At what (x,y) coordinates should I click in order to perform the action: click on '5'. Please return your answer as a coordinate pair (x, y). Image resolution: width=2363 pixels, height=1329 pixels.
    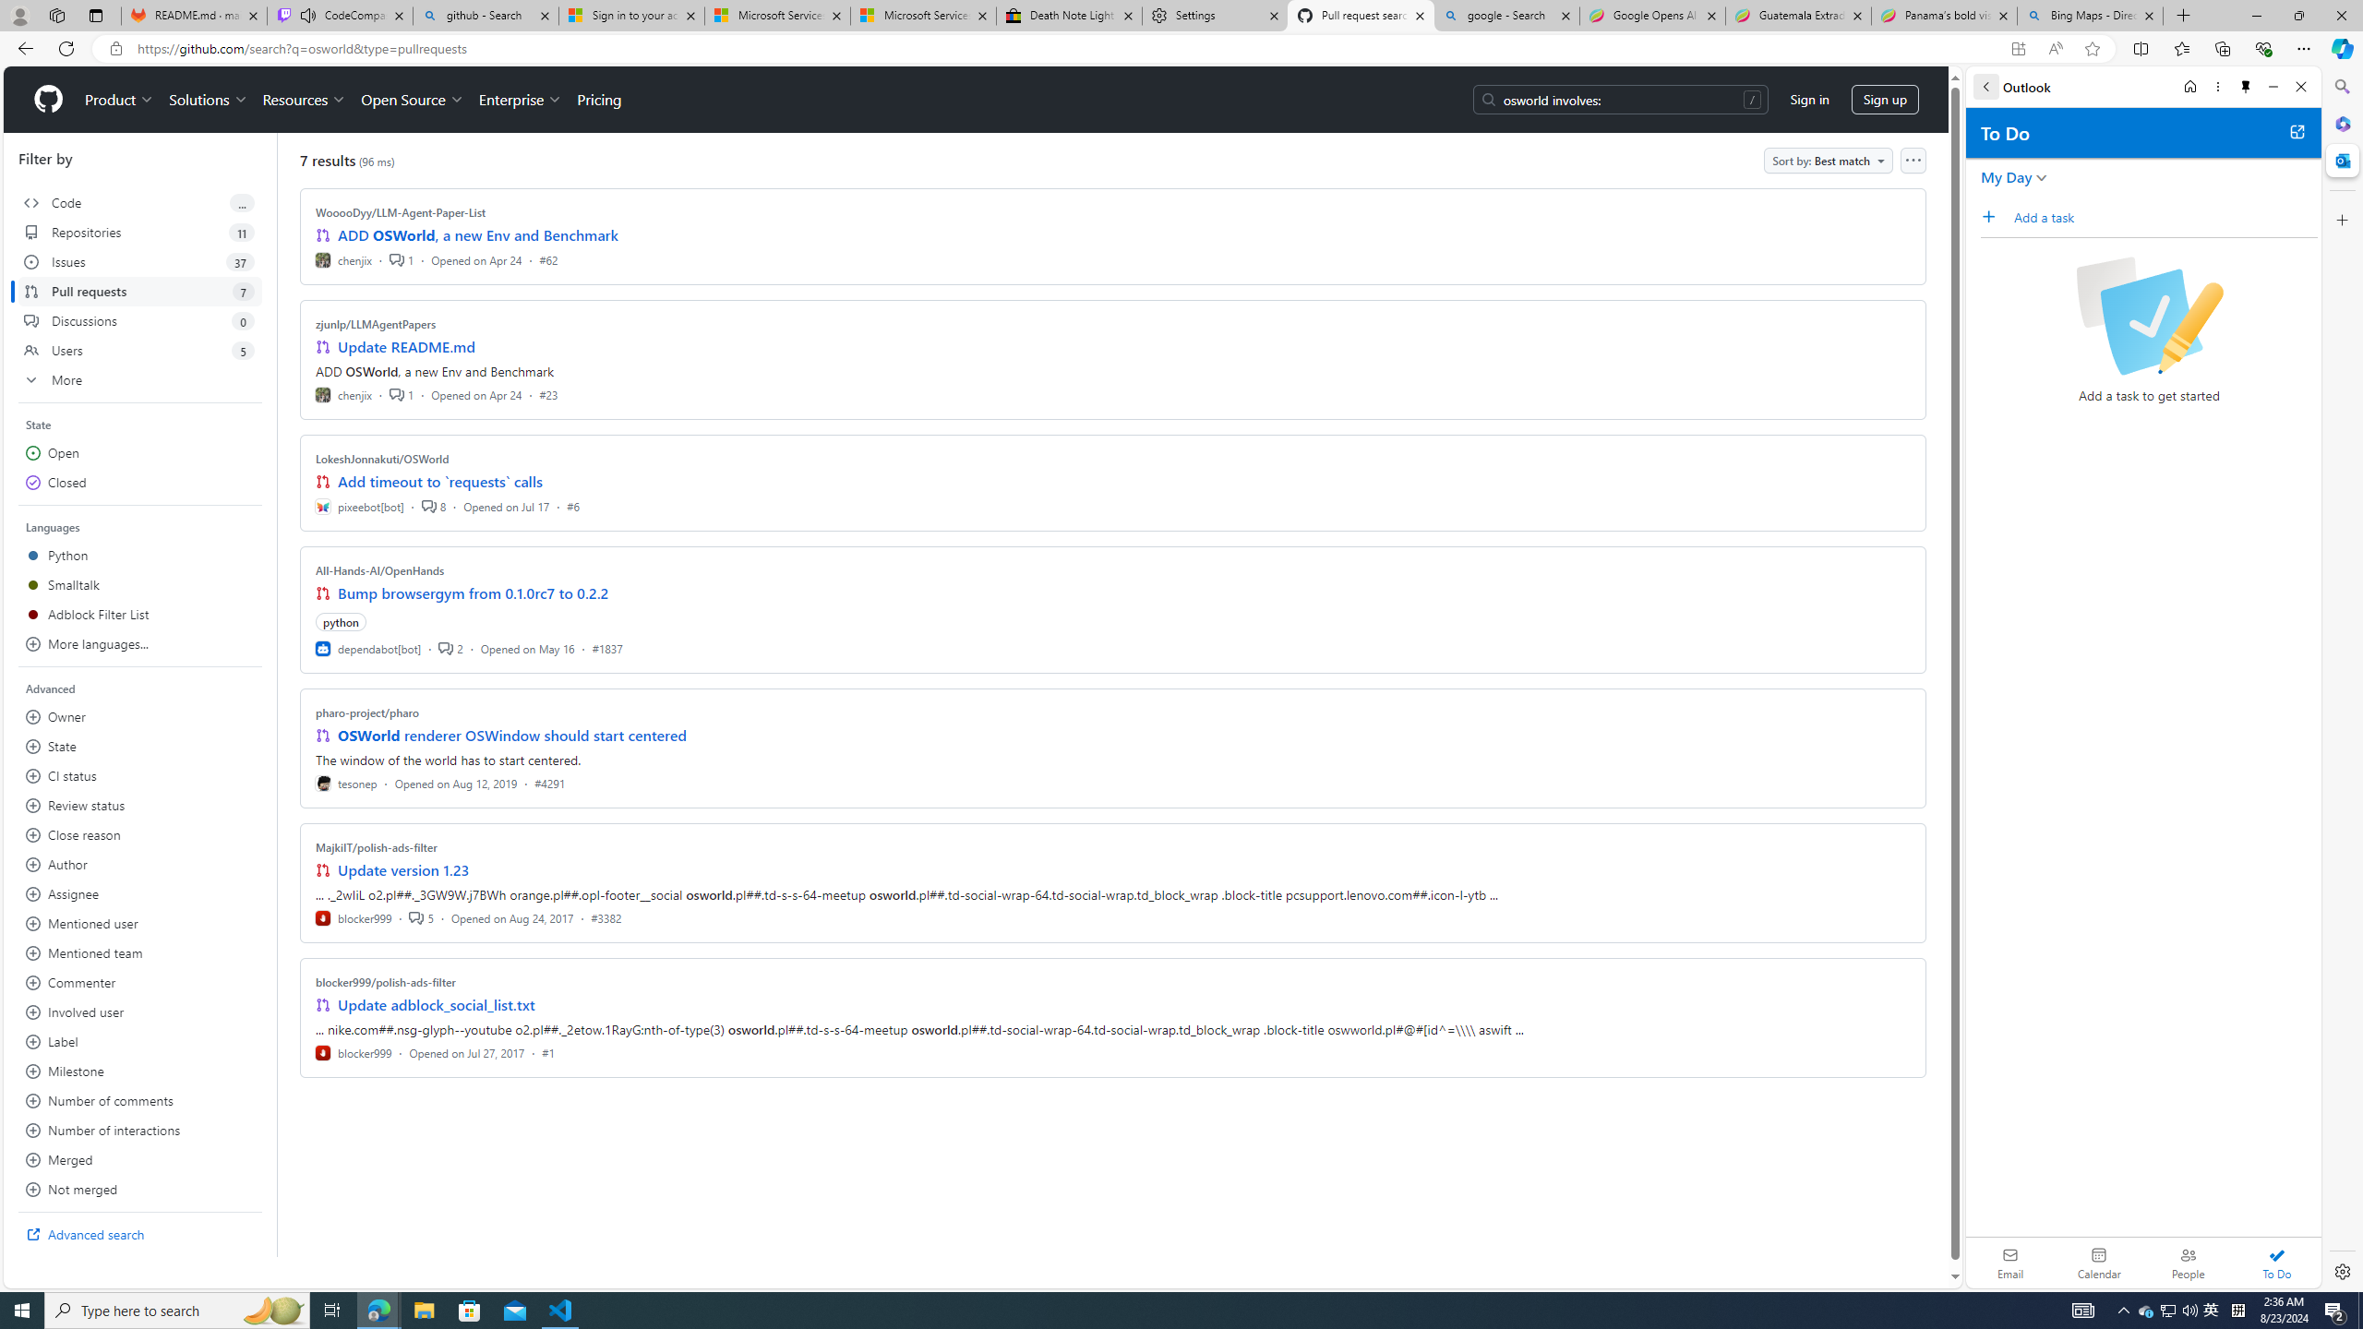
    Looking at the image, I should click on (421, 916).